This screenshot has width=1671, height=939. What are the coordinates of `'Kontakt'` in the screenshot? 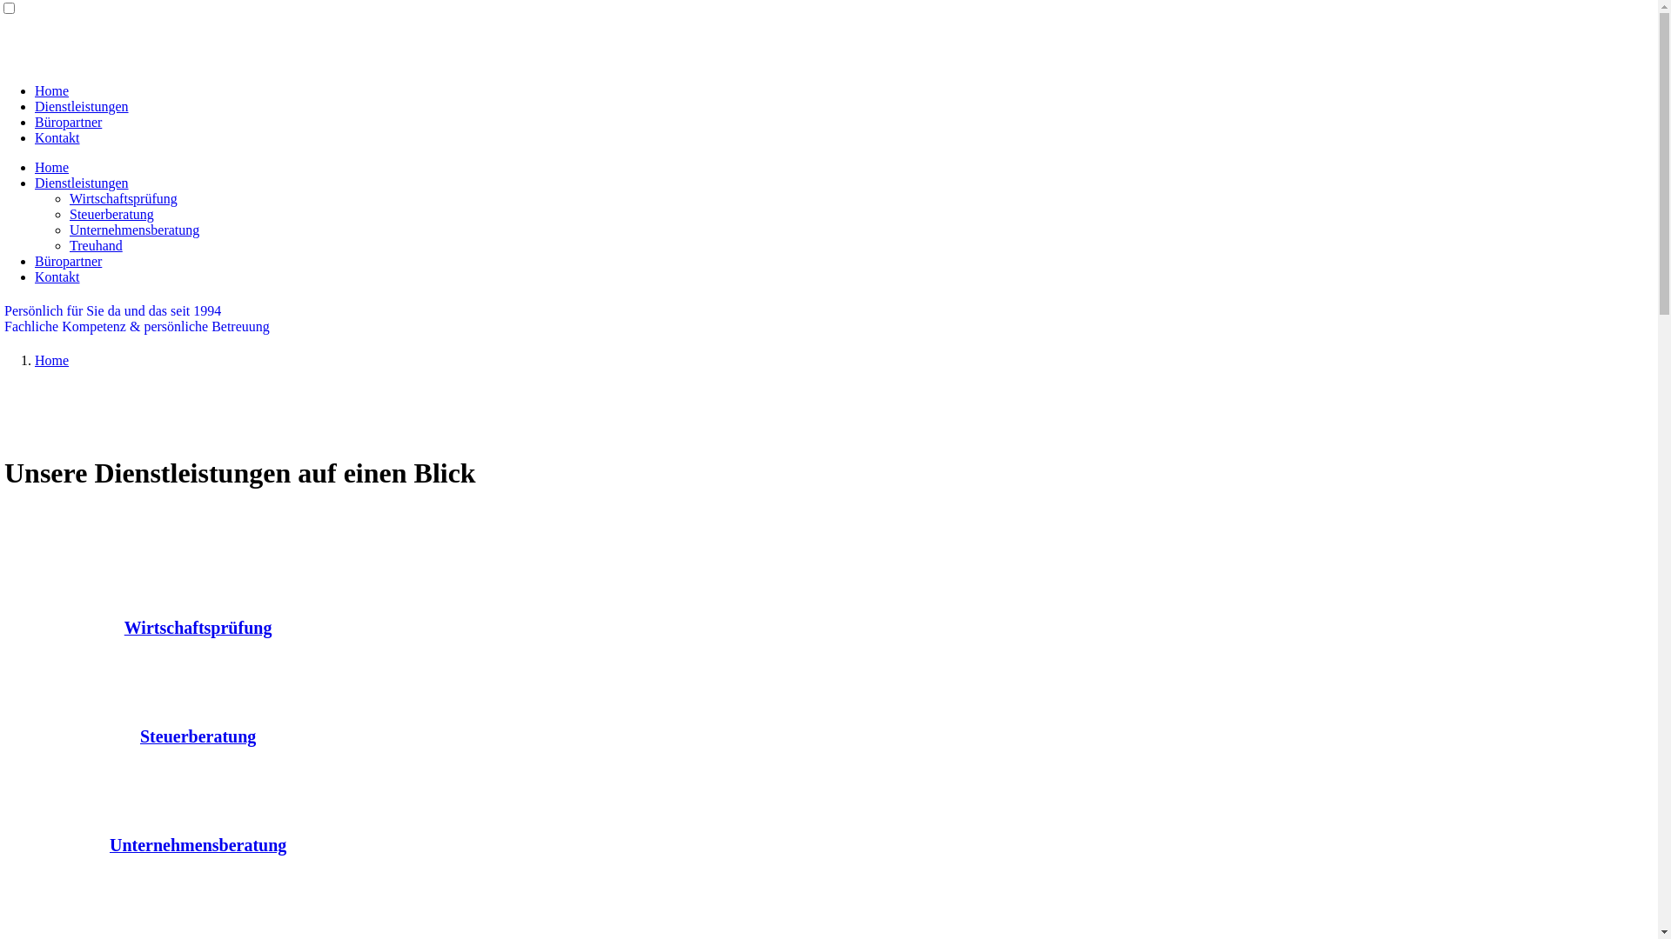 It's located at (57, 276).